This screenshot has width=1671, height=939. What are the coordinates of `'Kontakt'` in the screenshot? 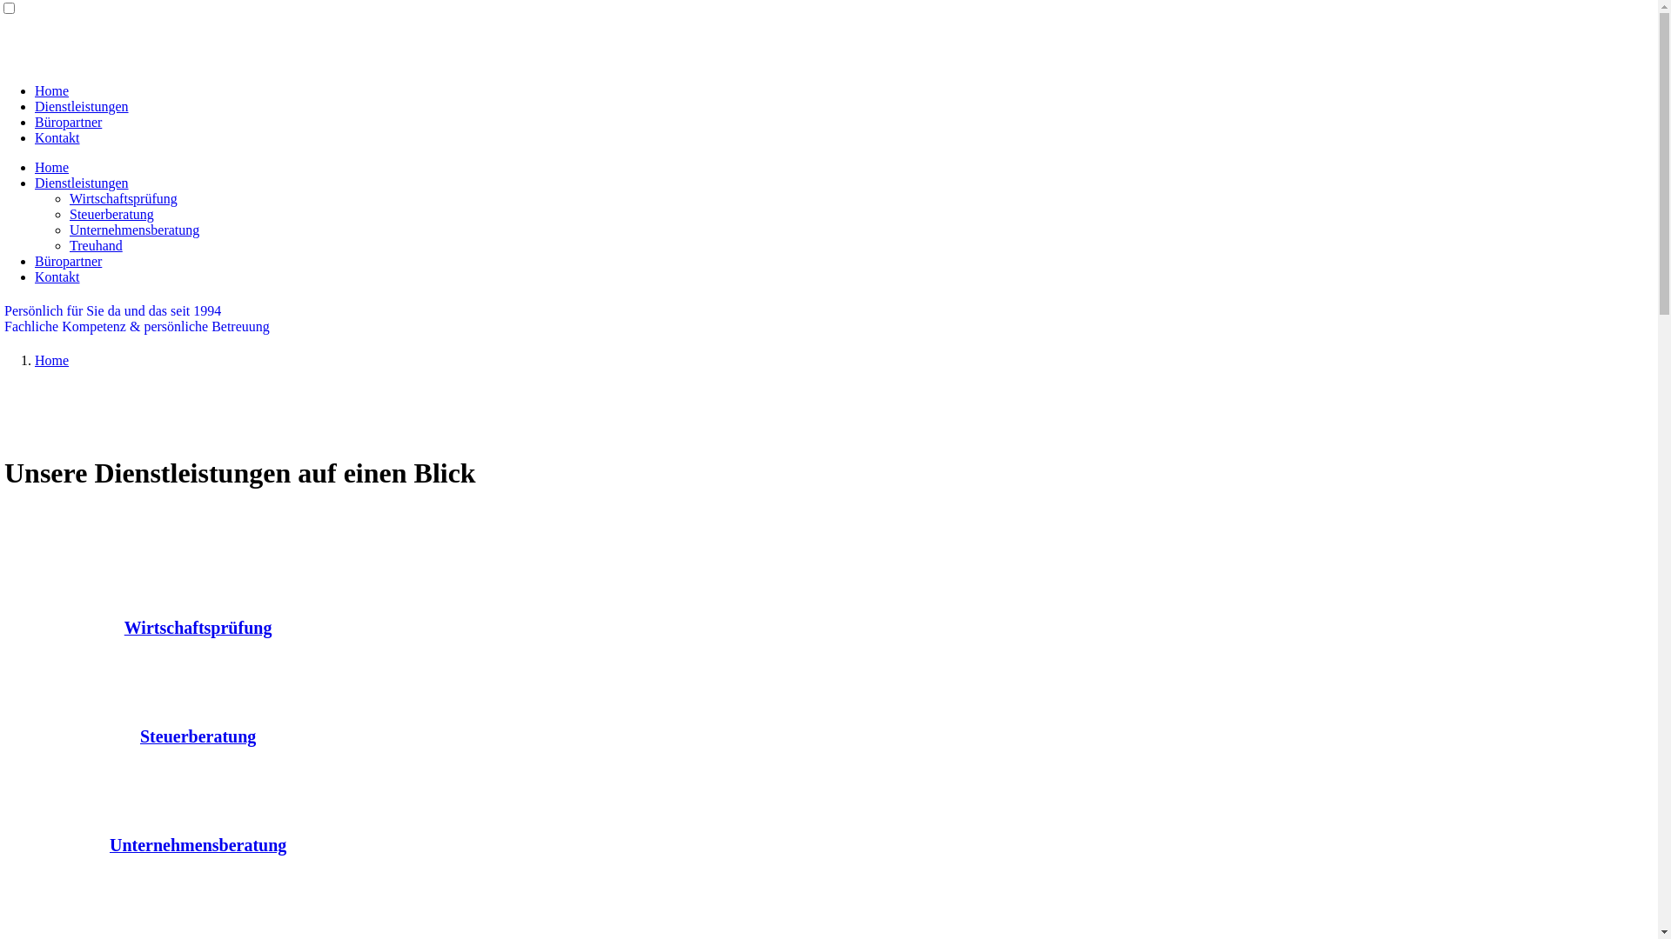 It's located at (57, 276).